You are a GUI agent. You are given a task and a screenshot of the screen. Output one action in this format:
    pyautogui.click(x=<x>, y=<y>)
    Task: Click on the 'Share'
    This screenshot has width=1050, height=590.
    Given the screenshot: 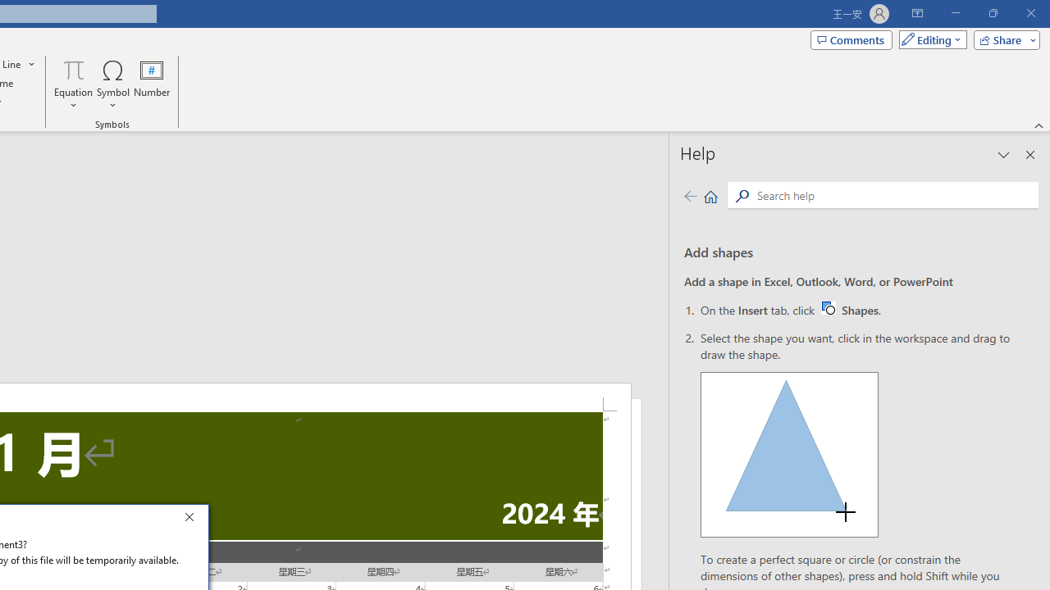 What is the action you would take?
    pyautogui.click(x=1002, y=39)
    